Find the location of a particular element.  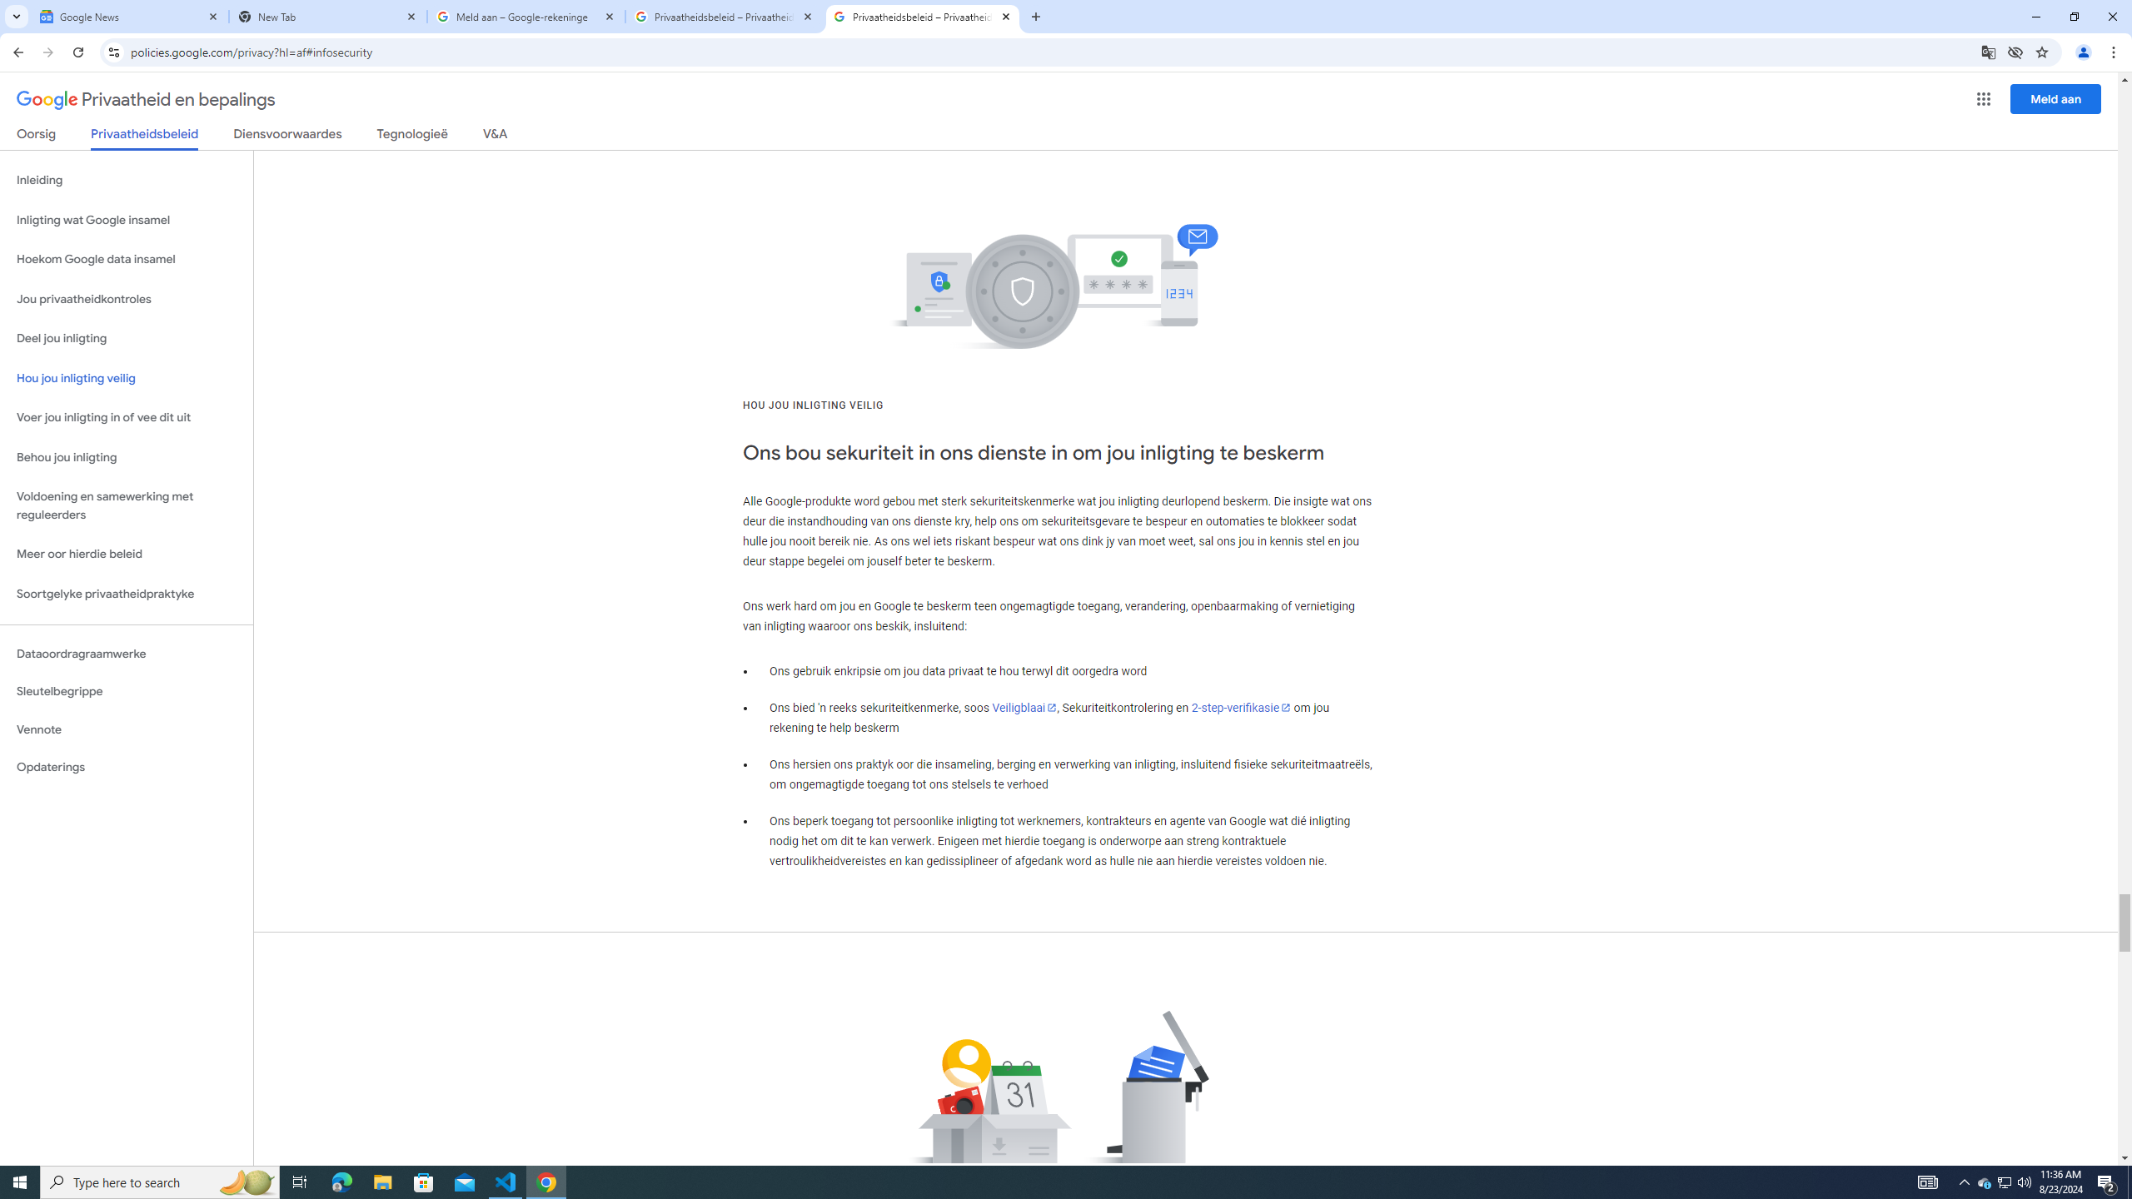

'Hoekom Google data insamel' is located at coordinates (126, 258).